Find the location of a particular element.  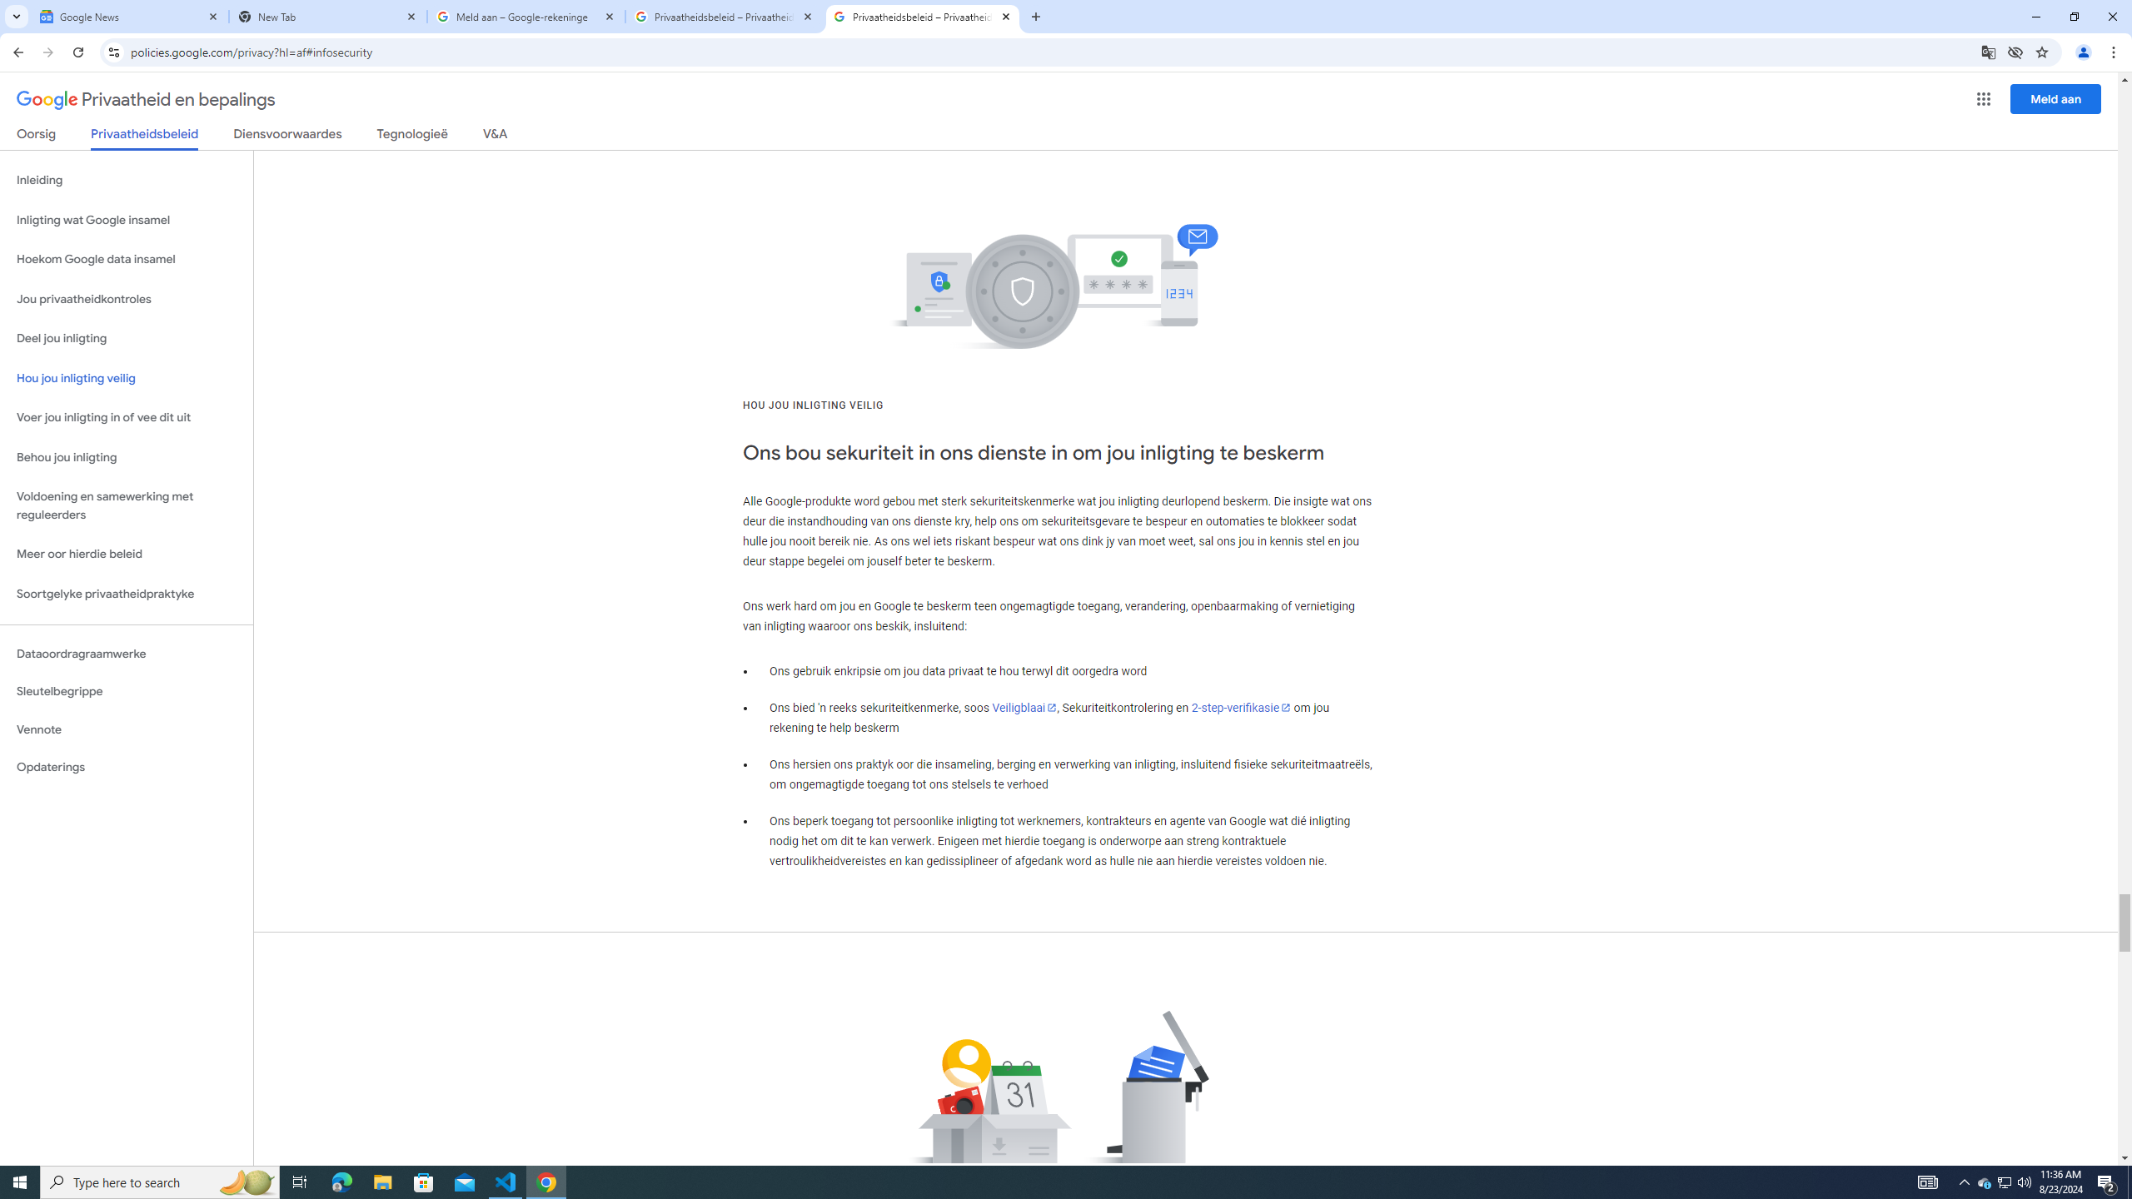

'Hoekom Google data insamel' is located at coordinates (126, 258).